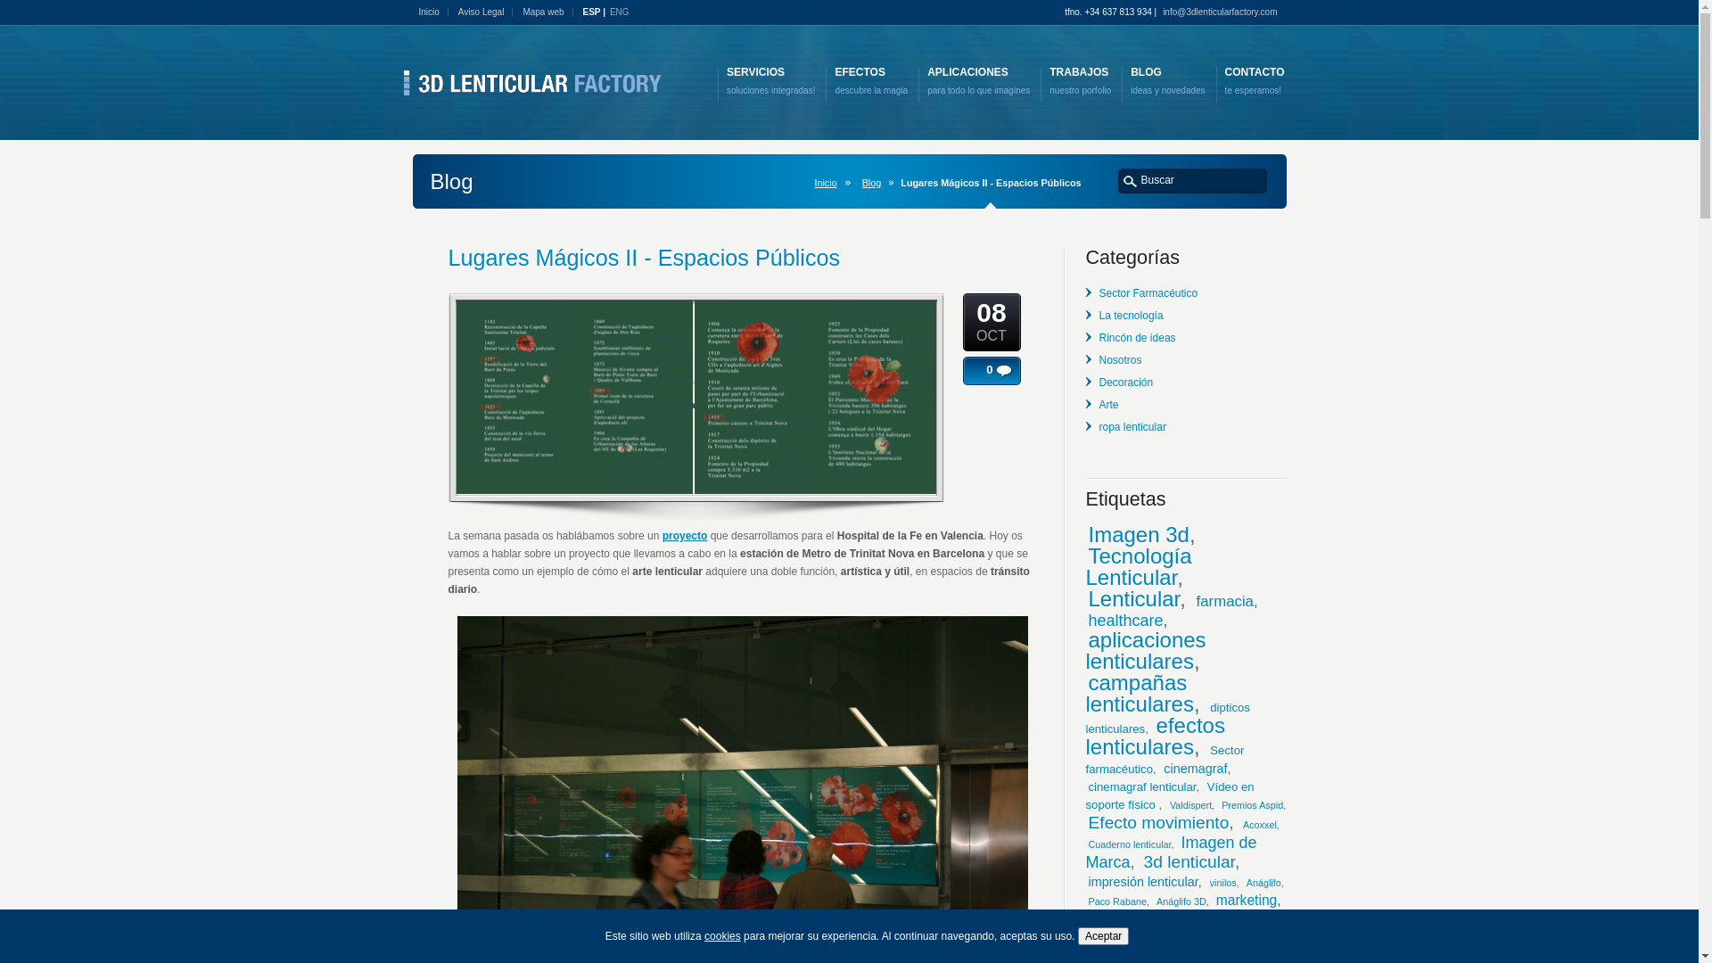 This screenshot has width=1712, height=963. Describe the element at coordinates (1223, 601) in the screenshot. I see `'farmacia'` at that location.